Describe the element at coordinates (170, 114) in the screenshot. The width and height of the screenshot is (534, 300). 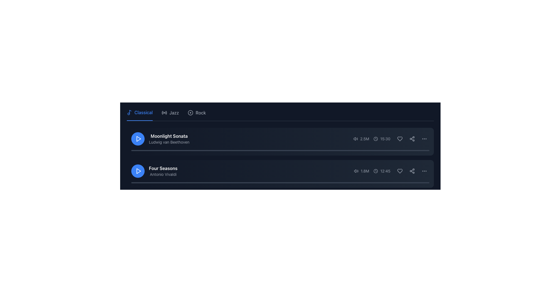
I see `the 'Jazz' category tab in the navigation menu` at that location.